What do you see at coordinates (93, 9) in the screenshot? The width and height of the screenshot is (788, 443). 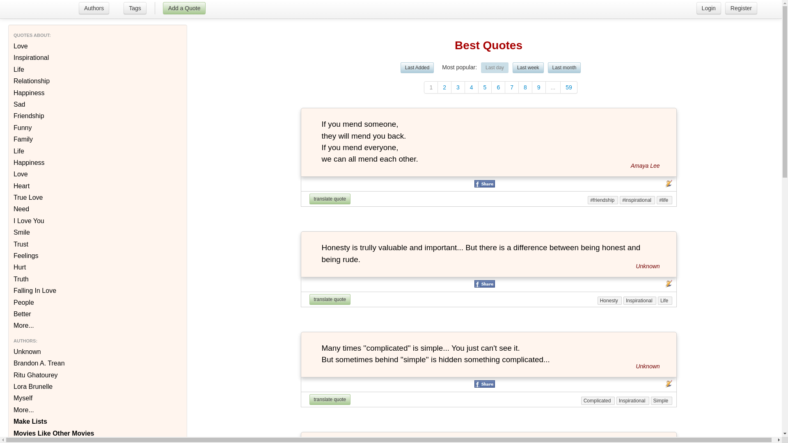 I see `'Authors'` at bounding box center [93, 9].